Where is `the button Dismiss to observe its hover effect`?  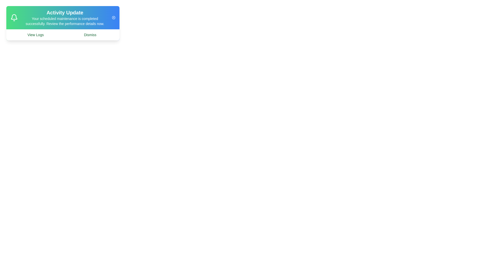 the button Dismiss to observe its hover effect is located at coordinates (90, 35).